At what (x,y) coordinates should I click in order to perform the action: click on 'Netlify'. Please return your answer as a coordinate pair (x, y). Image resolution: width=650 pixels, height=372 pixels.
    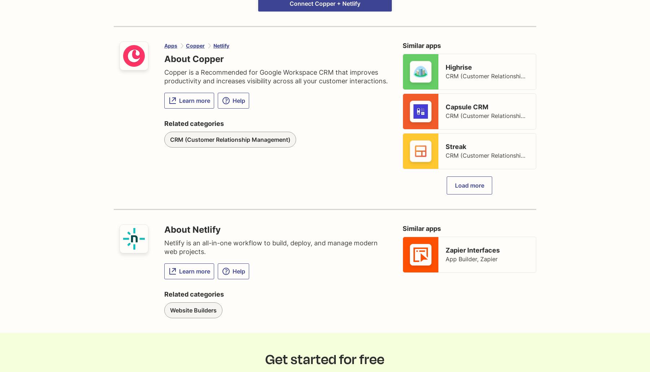
    Looking at the image, I should click on (221, 45).